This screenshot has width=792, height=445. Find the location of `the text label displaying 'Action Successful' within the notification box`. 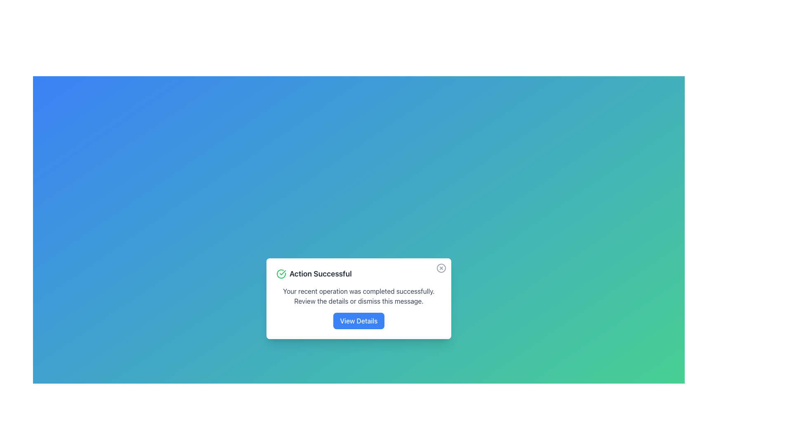

the text label displaying 'Action Successful' within the notification box is located at coordinates (320, 274).